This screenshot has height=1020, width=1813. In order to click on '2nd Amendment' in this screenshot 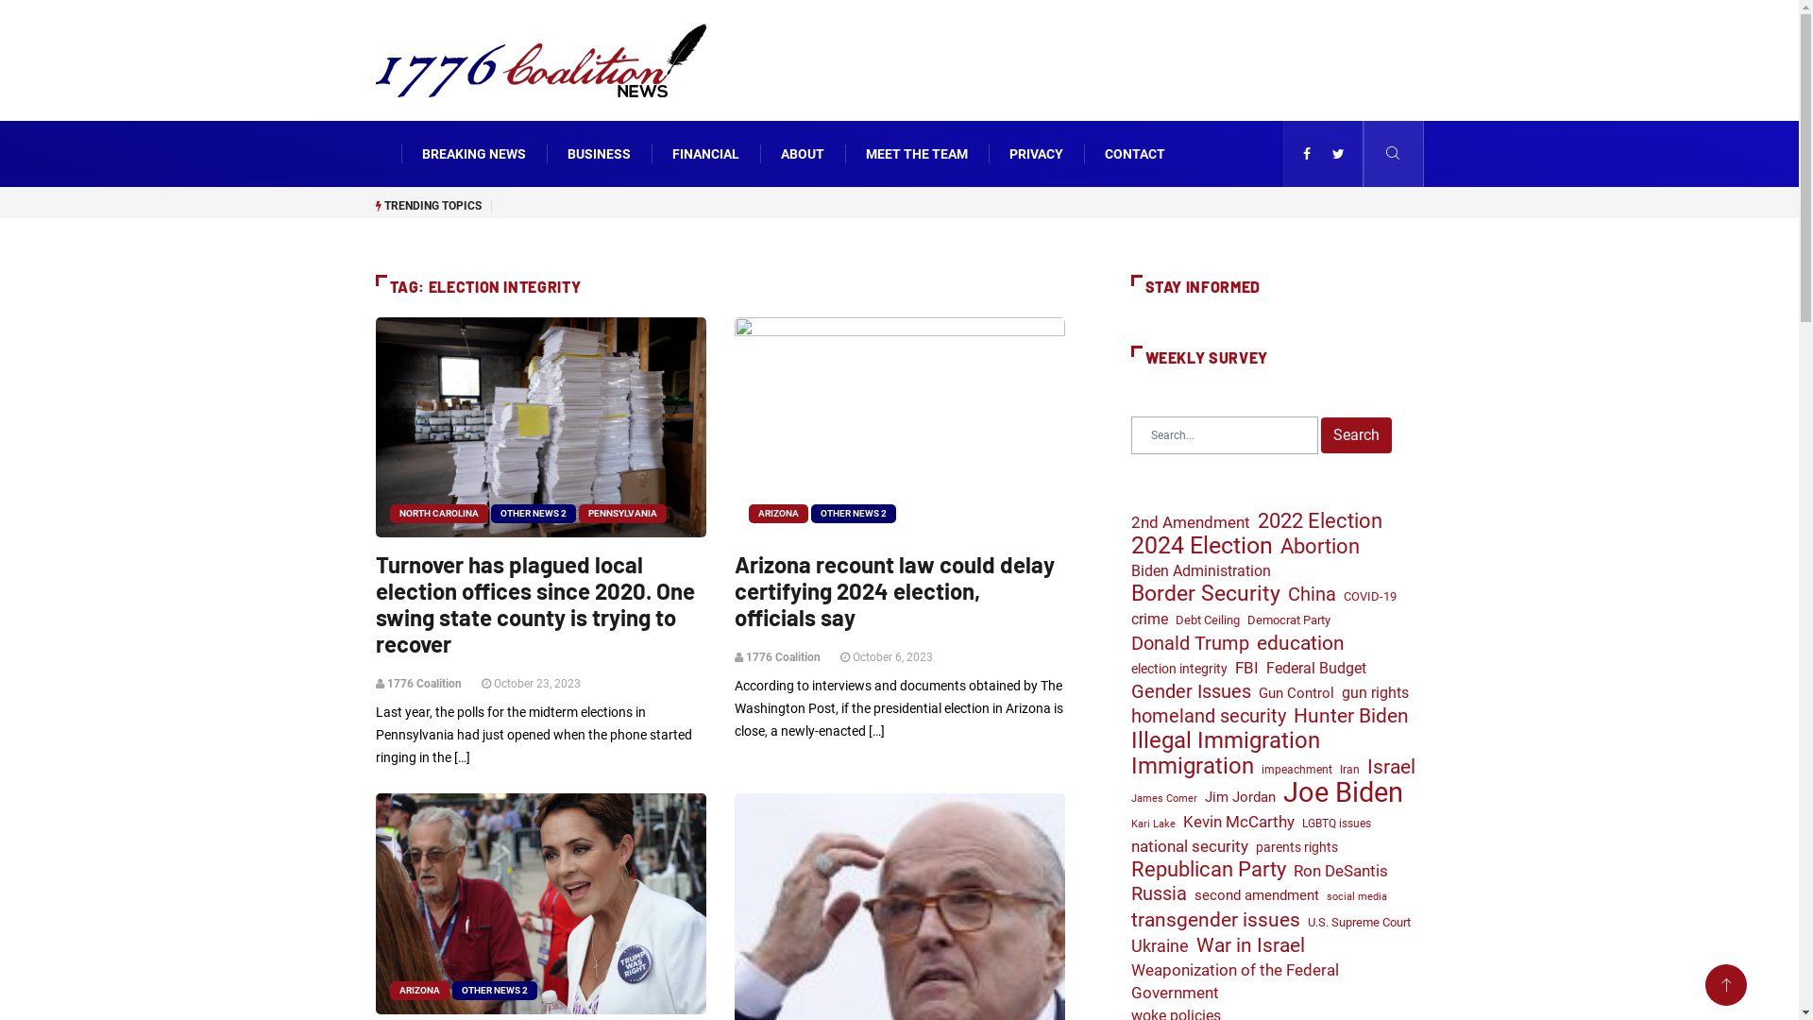, I will do `click(1190, 521)`.